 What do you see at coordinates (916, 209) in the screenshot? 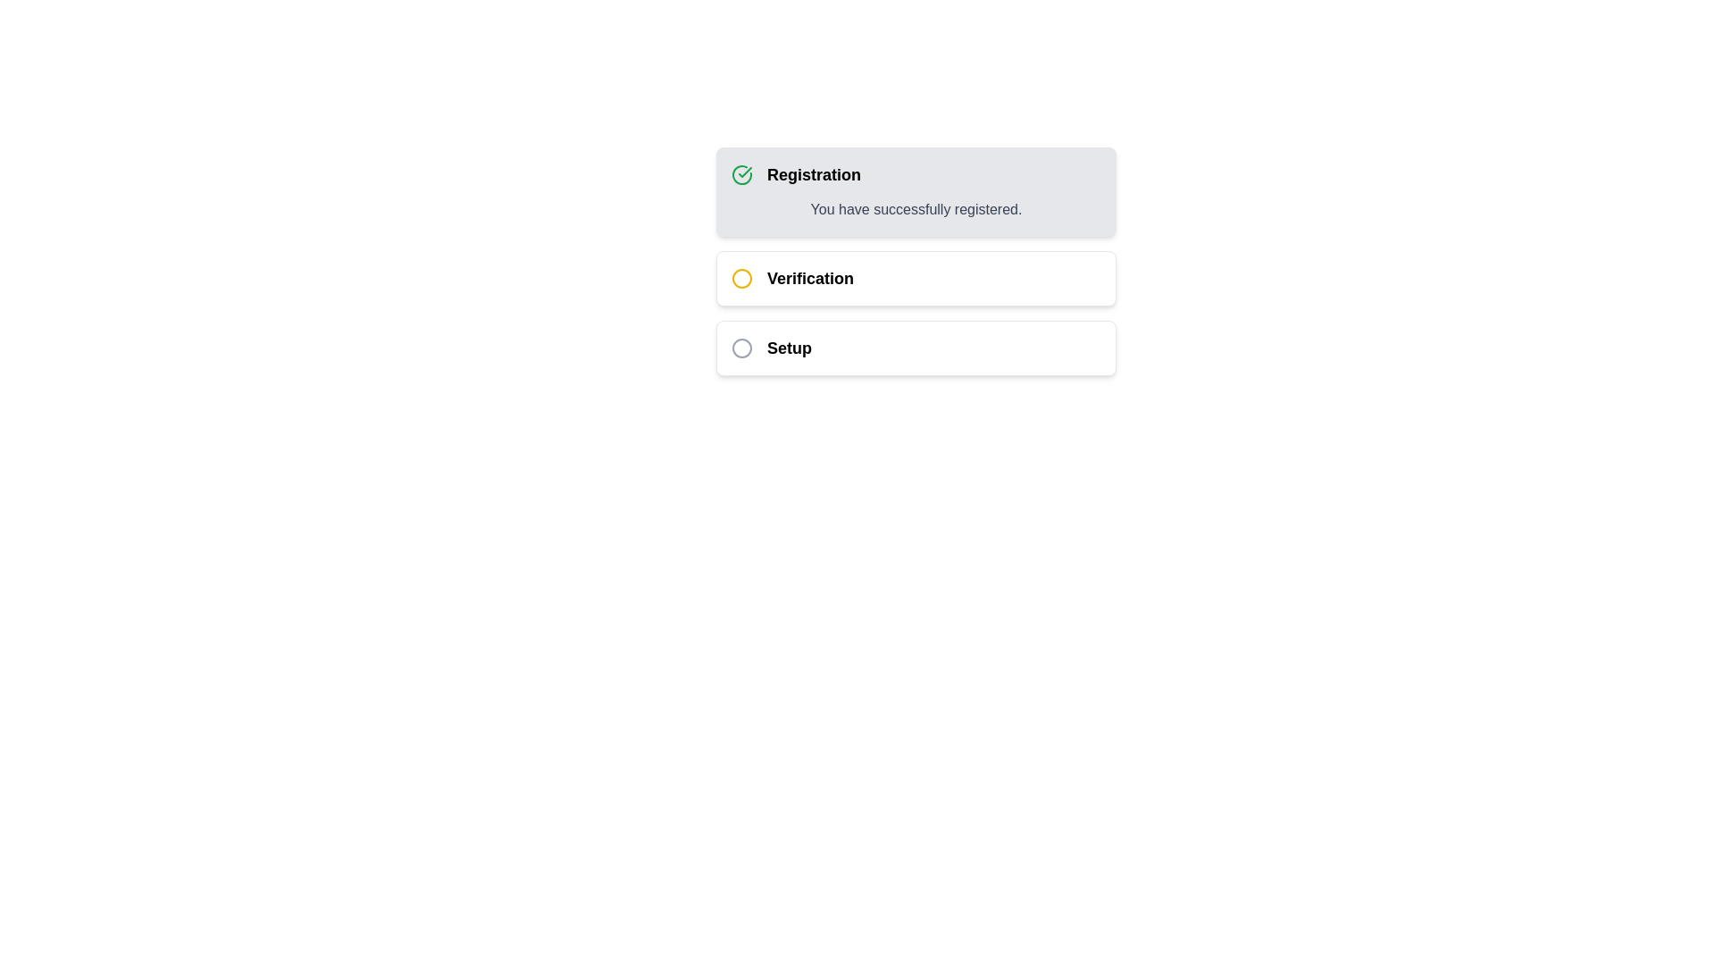
I see `the static text message confirming successful registration, located below the 'Registration' header and above the 'Verification' step` at bounding box center [916, 209].